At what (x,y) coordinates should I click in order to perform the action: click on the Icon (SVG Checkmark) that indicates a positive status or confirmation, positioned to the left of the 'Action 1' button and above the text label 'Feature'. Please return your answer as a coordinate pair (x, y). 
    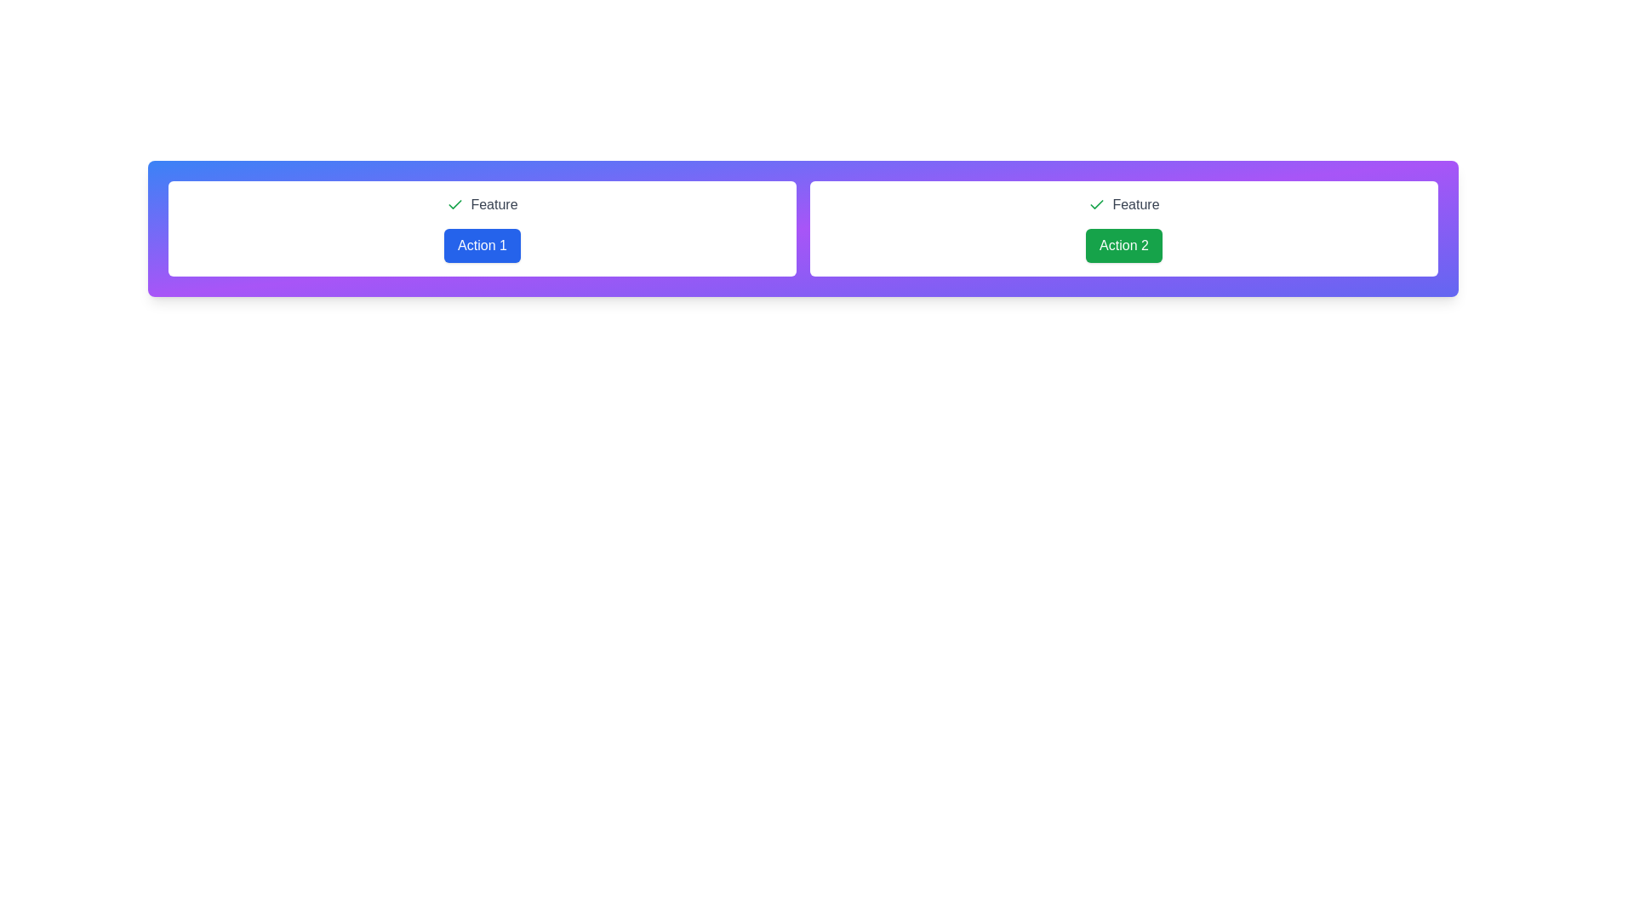
    Looking at the image, I should click on (1097, 203).